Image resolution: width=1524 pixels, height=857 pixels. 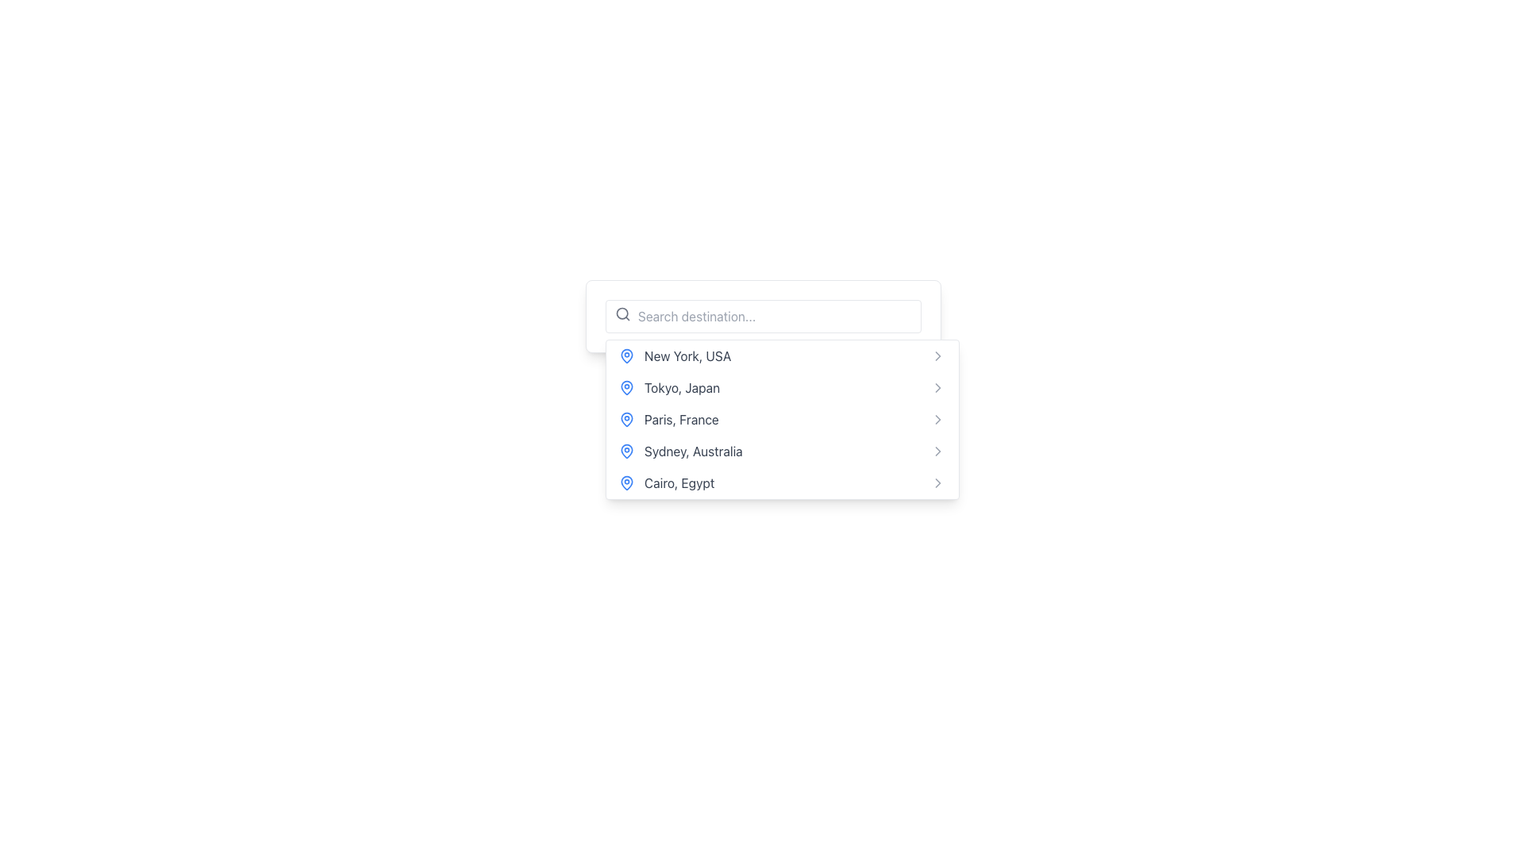 What do you see at coordinates (937, 418) in the screenshot?
I see `the icon at the far-right side of the 'Paris, France' entry in the selectable list` at bounding box center [937, 418].